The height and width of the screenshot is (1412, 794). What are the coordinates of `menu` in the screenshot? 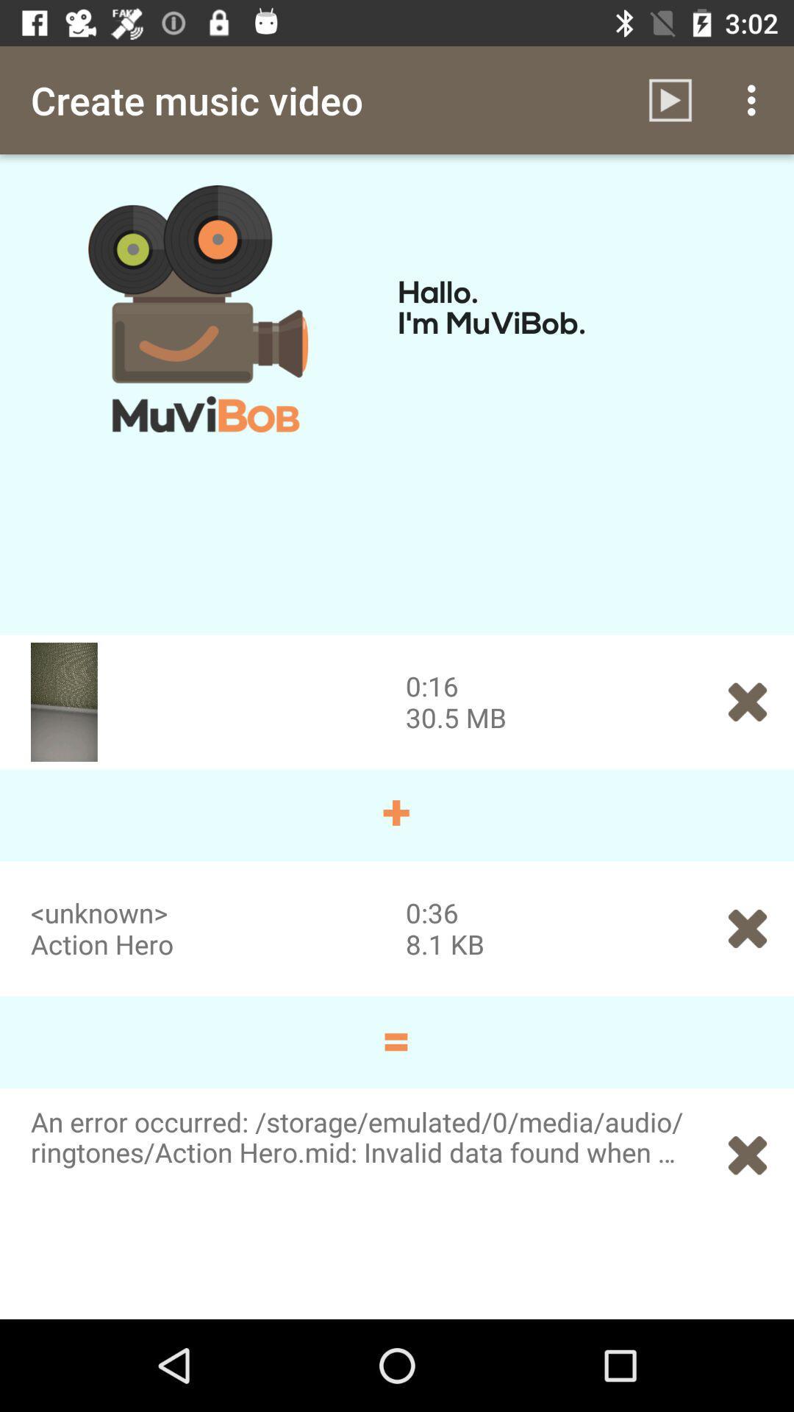 It's located at (755, 100).